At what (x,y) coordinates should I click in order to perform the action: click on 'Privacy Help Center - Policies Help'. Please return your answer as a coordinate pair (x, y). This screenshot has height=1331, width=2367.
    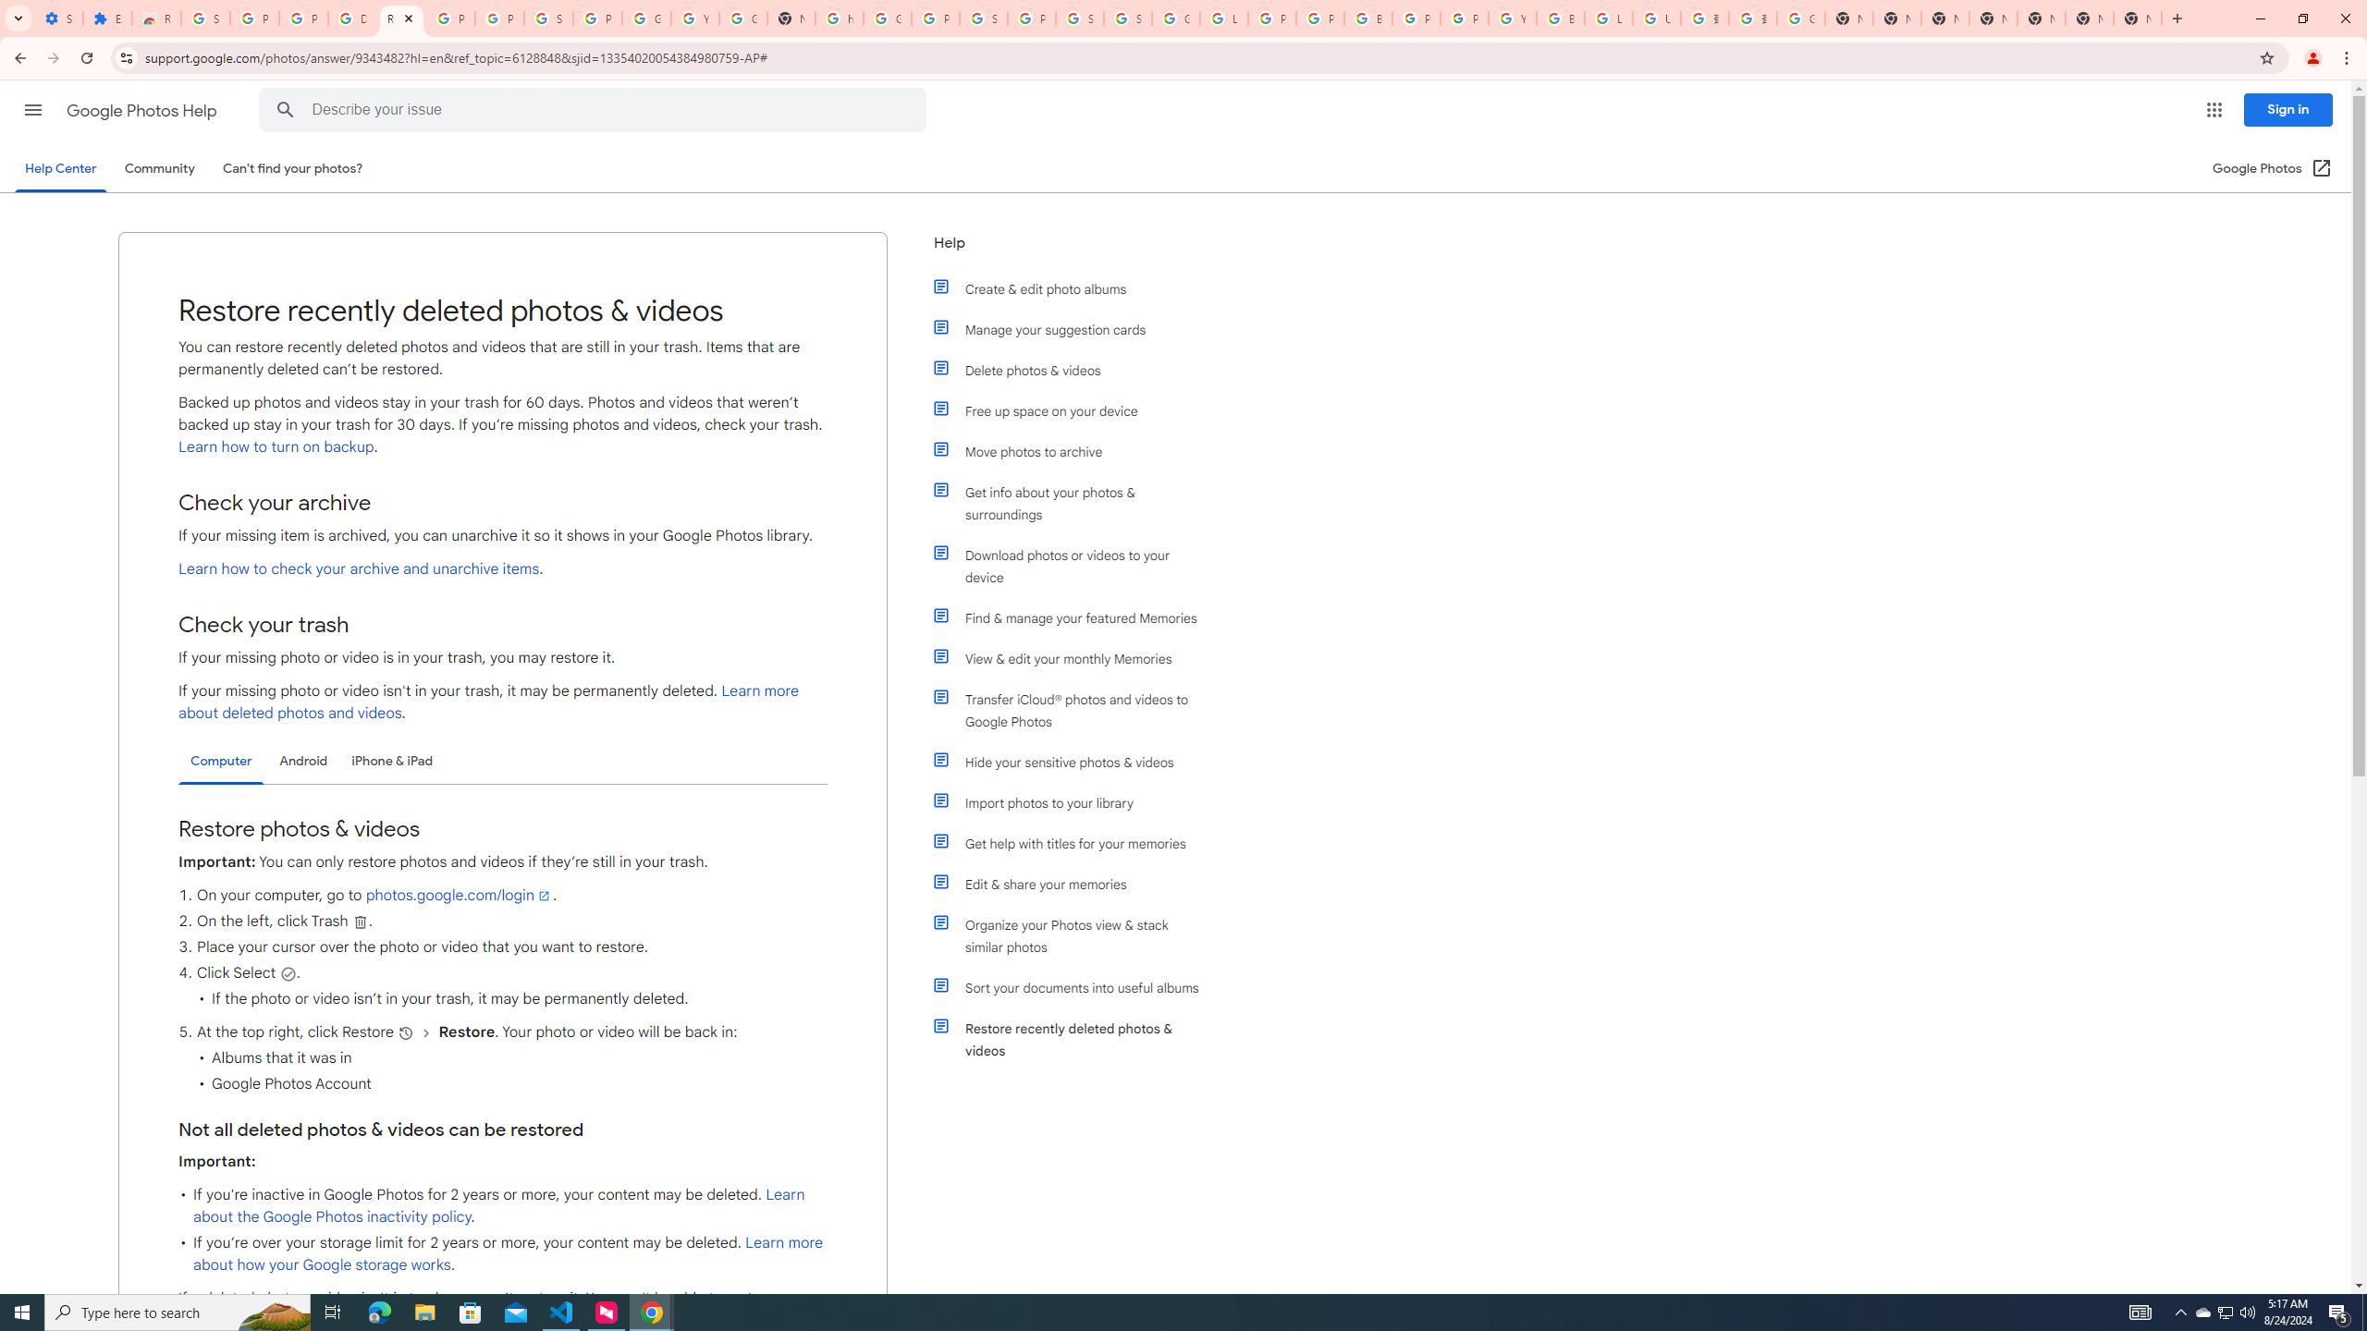
    Looking at the image, I should click on (1318, 18).